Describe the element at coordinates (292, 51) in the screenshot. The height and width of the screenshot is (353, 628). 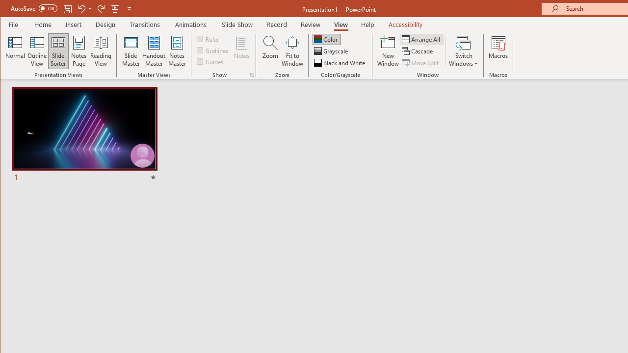
I see `'Fit to Window'` at that location.